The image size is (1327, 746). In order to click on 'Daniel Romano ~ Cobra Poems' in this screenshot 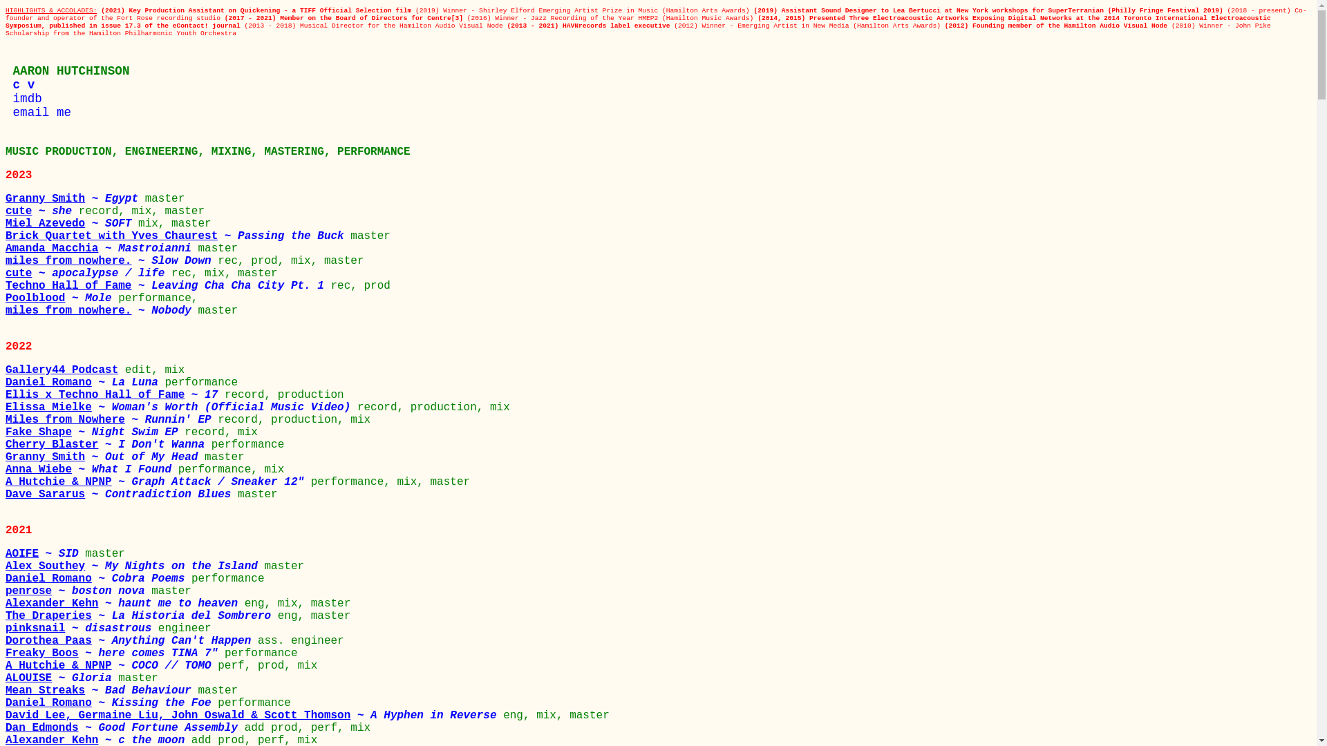, I will do `click(97, 578)`.